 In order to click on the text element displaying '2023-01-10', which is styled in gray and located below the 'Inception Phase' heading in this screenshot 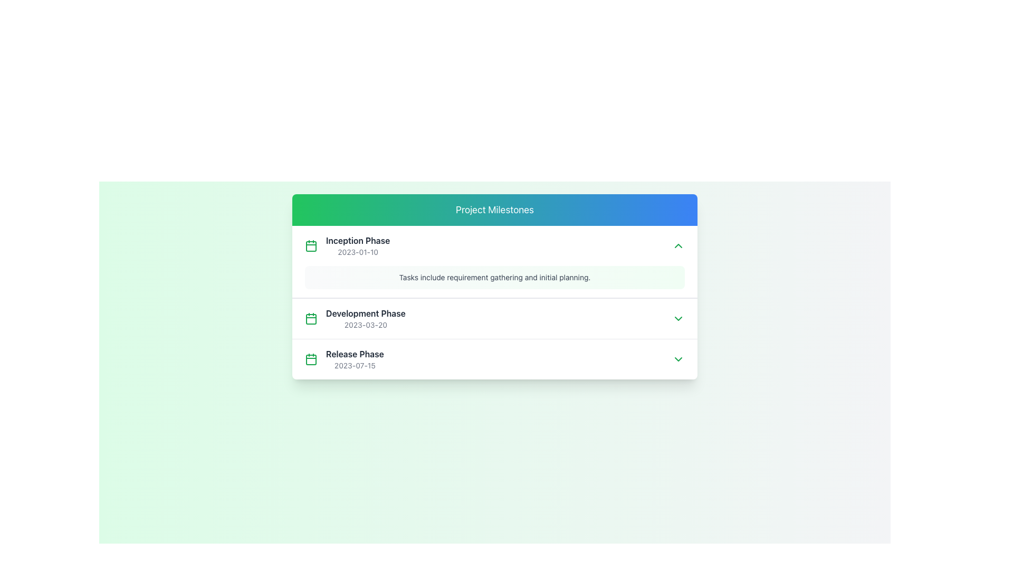, I will do `click(358, 252)`.